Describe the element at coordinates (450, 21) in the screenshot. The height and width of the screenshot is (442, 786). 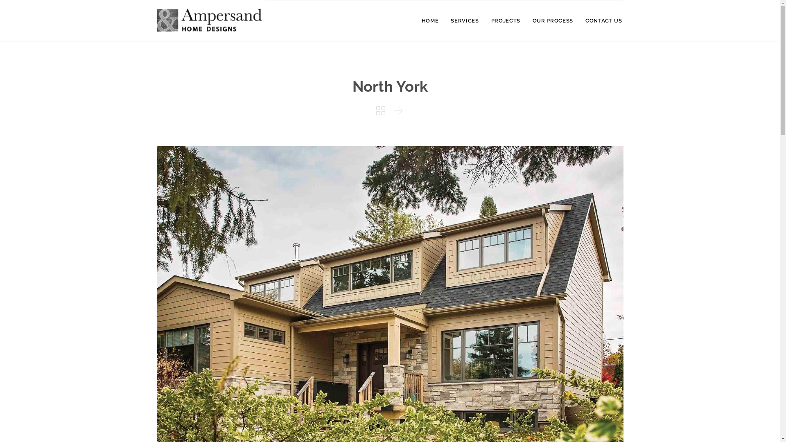
I see `'SERVICES'` at that location.